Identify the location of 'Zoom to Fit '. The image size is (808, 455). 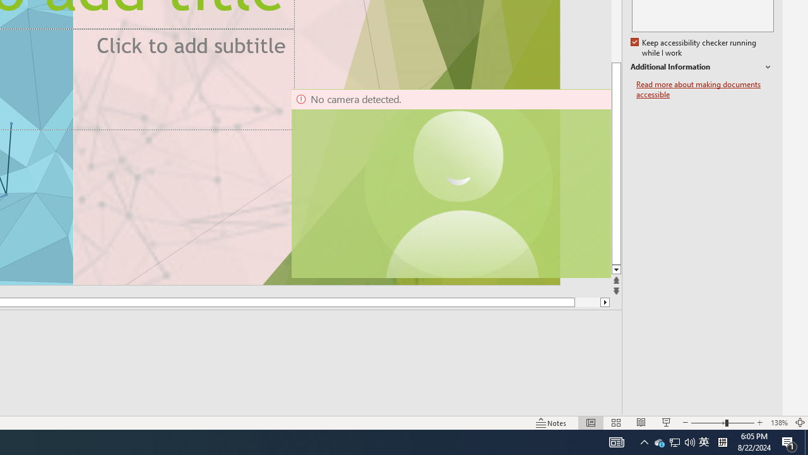
(799, 423).